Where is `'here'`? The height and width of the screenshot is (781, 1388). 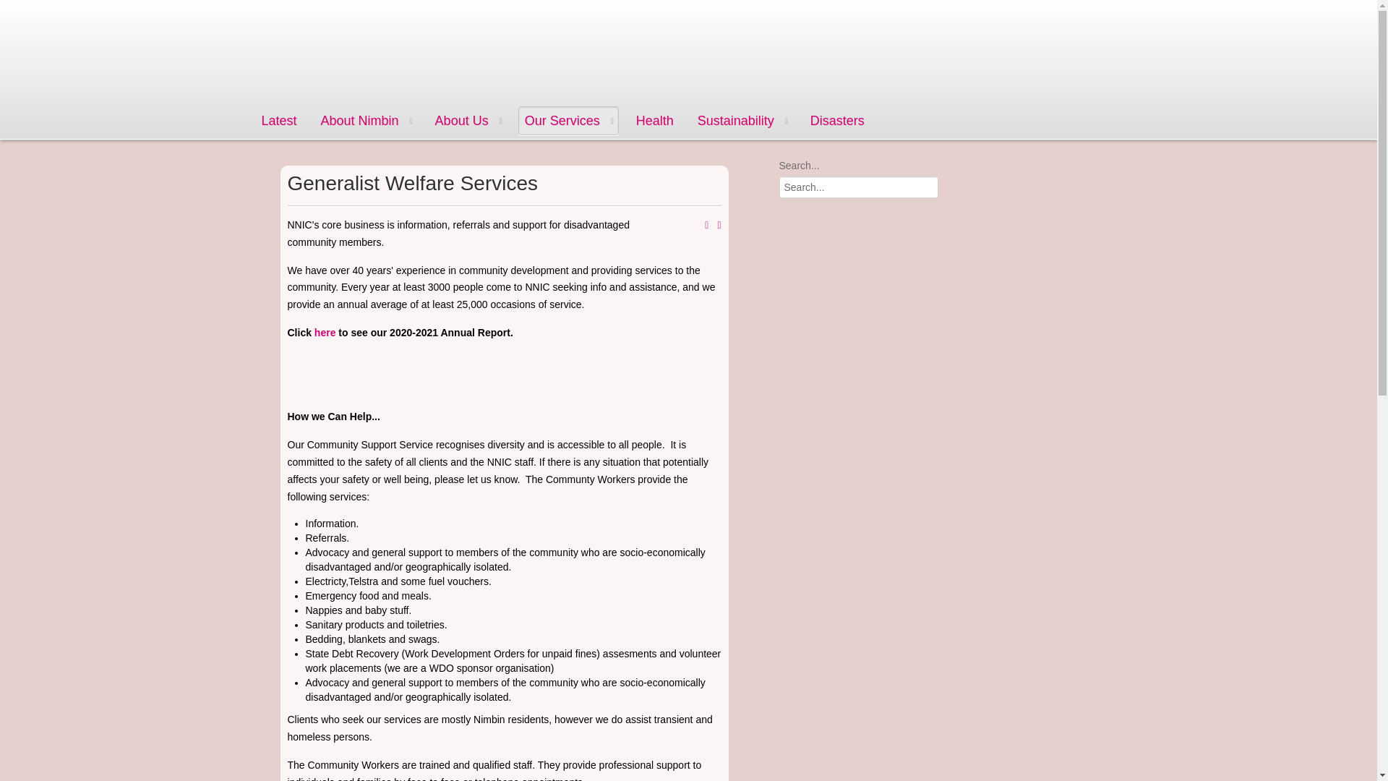
'here' is located at coordinates (325, 332).